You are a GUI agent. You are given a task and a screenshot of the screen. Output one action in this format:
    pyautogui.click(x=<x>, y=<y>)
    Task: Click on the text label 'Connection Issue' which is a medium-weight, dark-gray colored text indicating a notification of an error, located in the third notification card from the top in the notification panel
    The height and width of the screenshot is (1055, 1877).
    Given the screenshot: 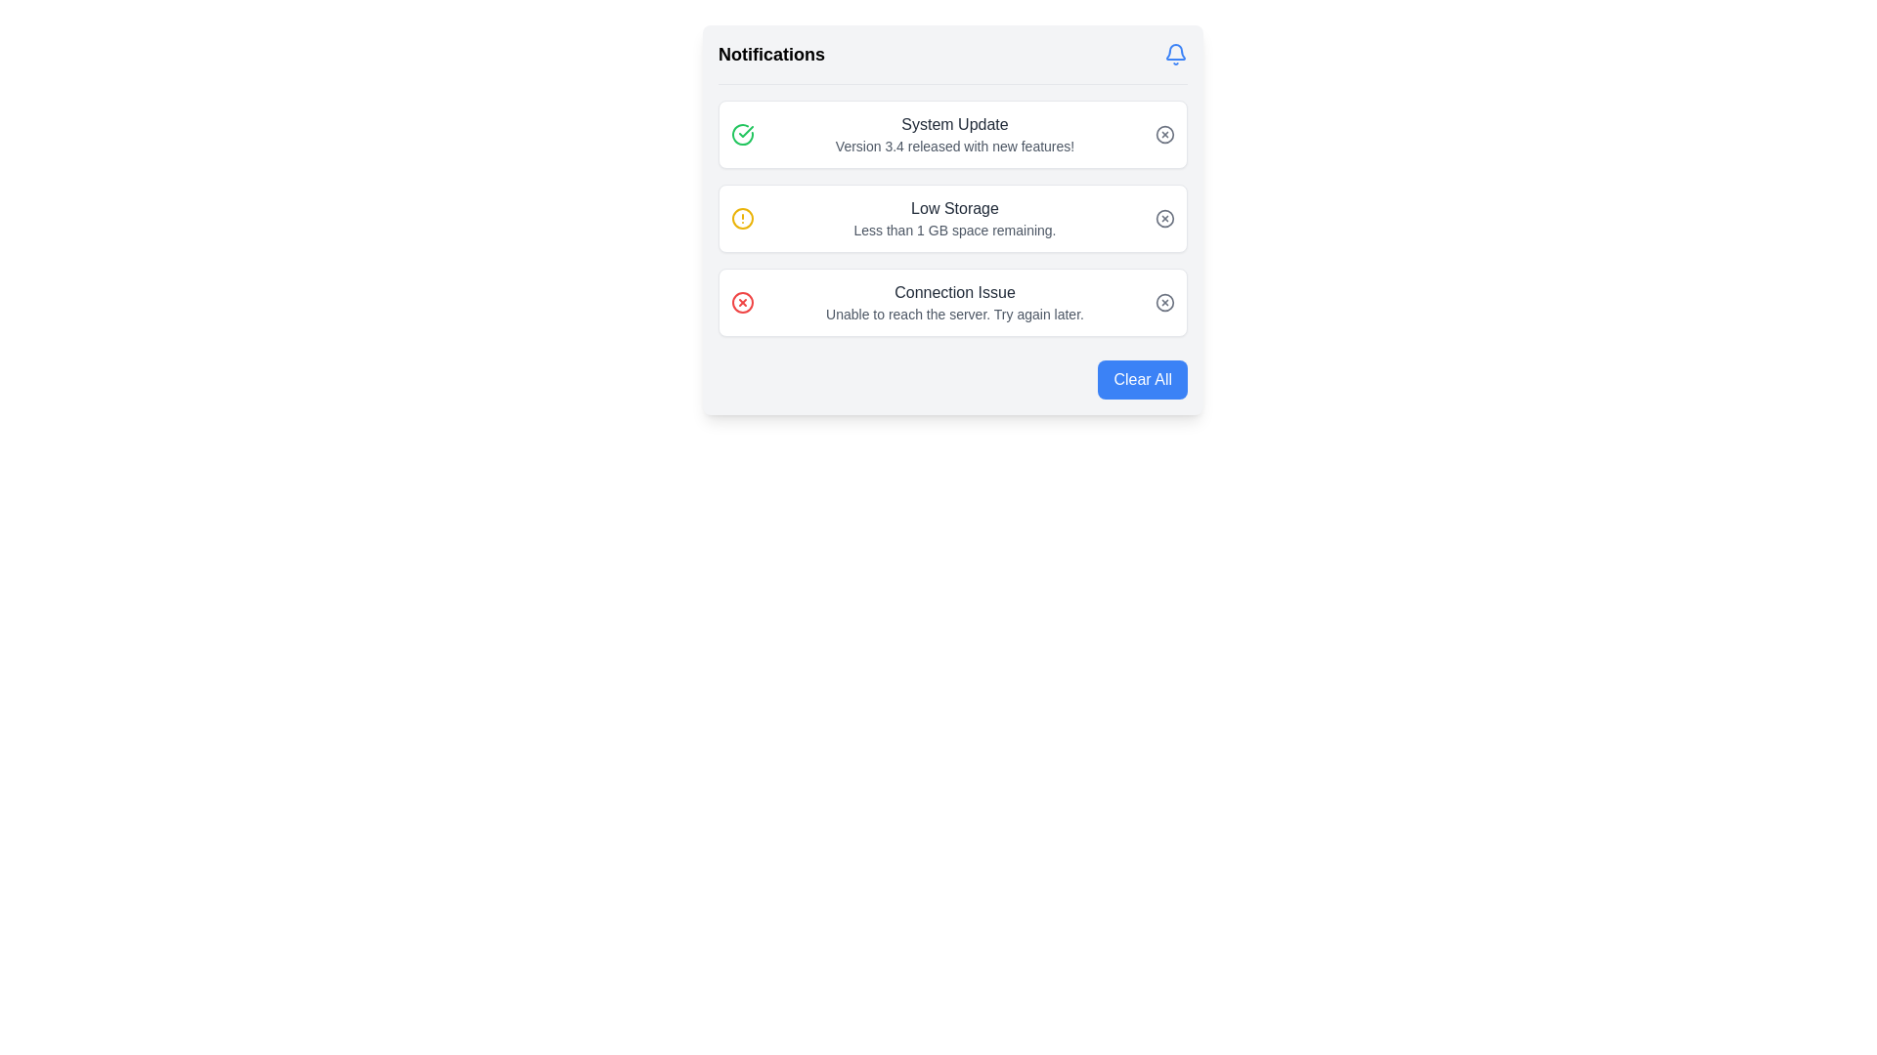 What is the action you would take?
    pyautogui.click(x=955, y=293)
    